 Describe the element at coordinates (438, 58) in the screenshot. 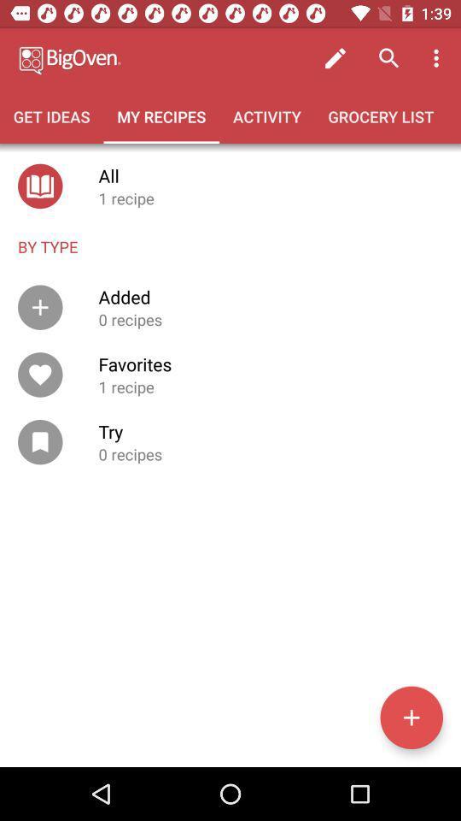

I see `the item above the grocery list` at that location.